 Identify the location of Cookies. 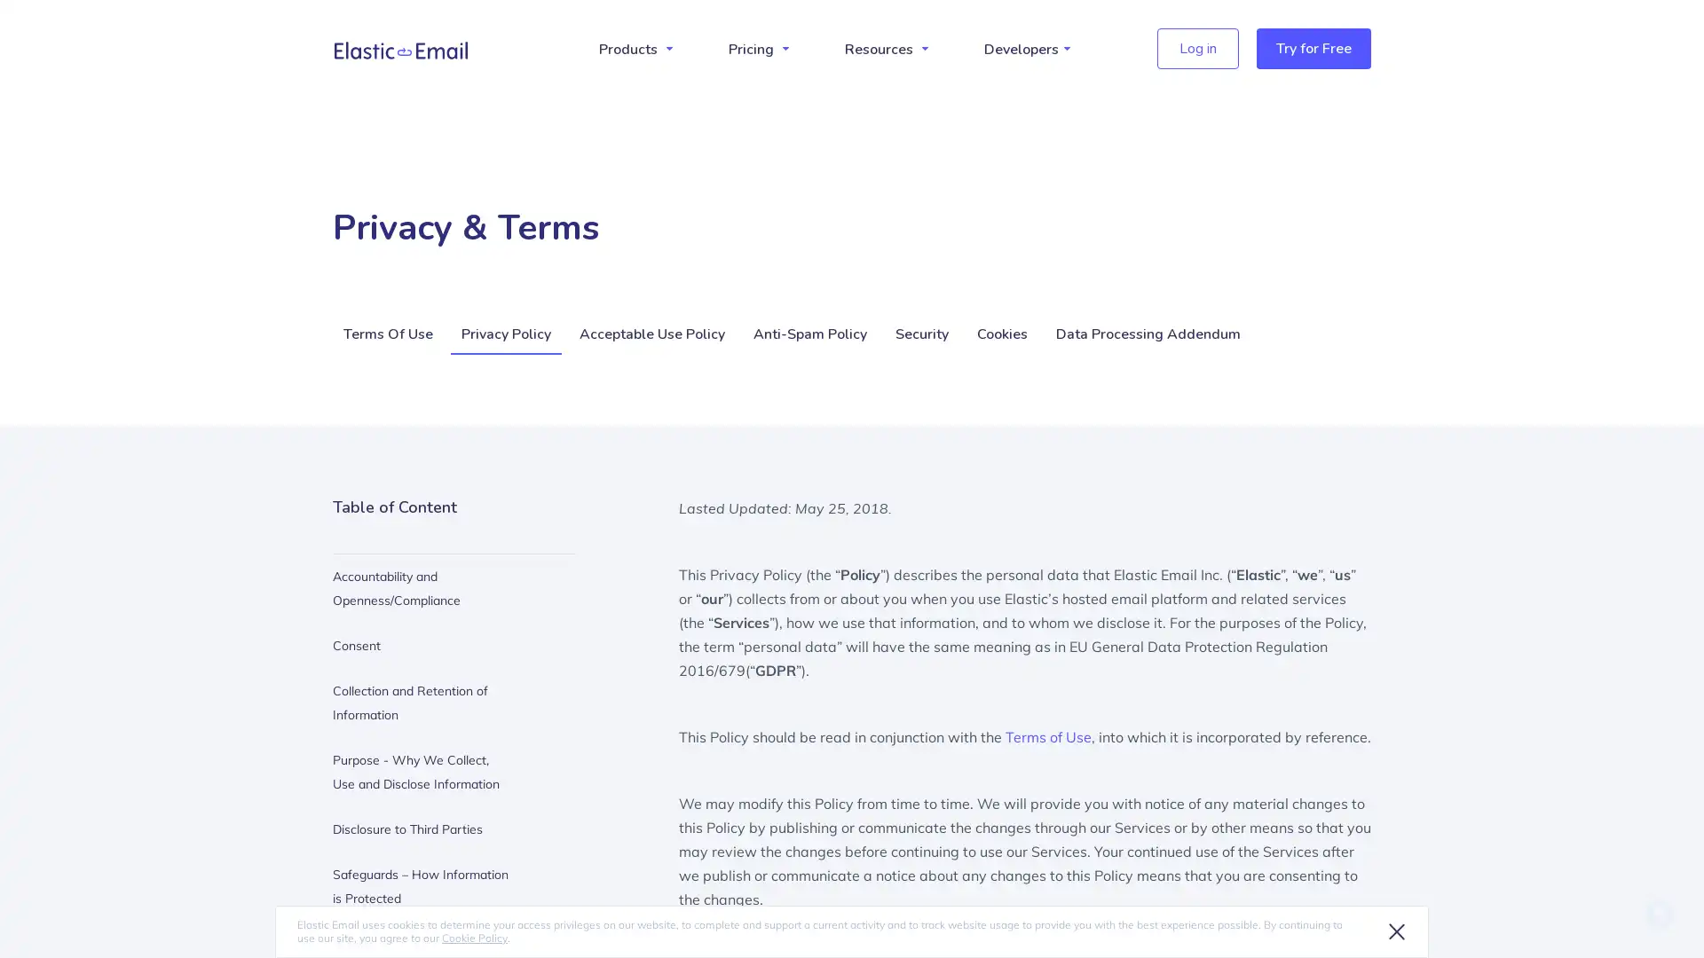
(1002, 335).